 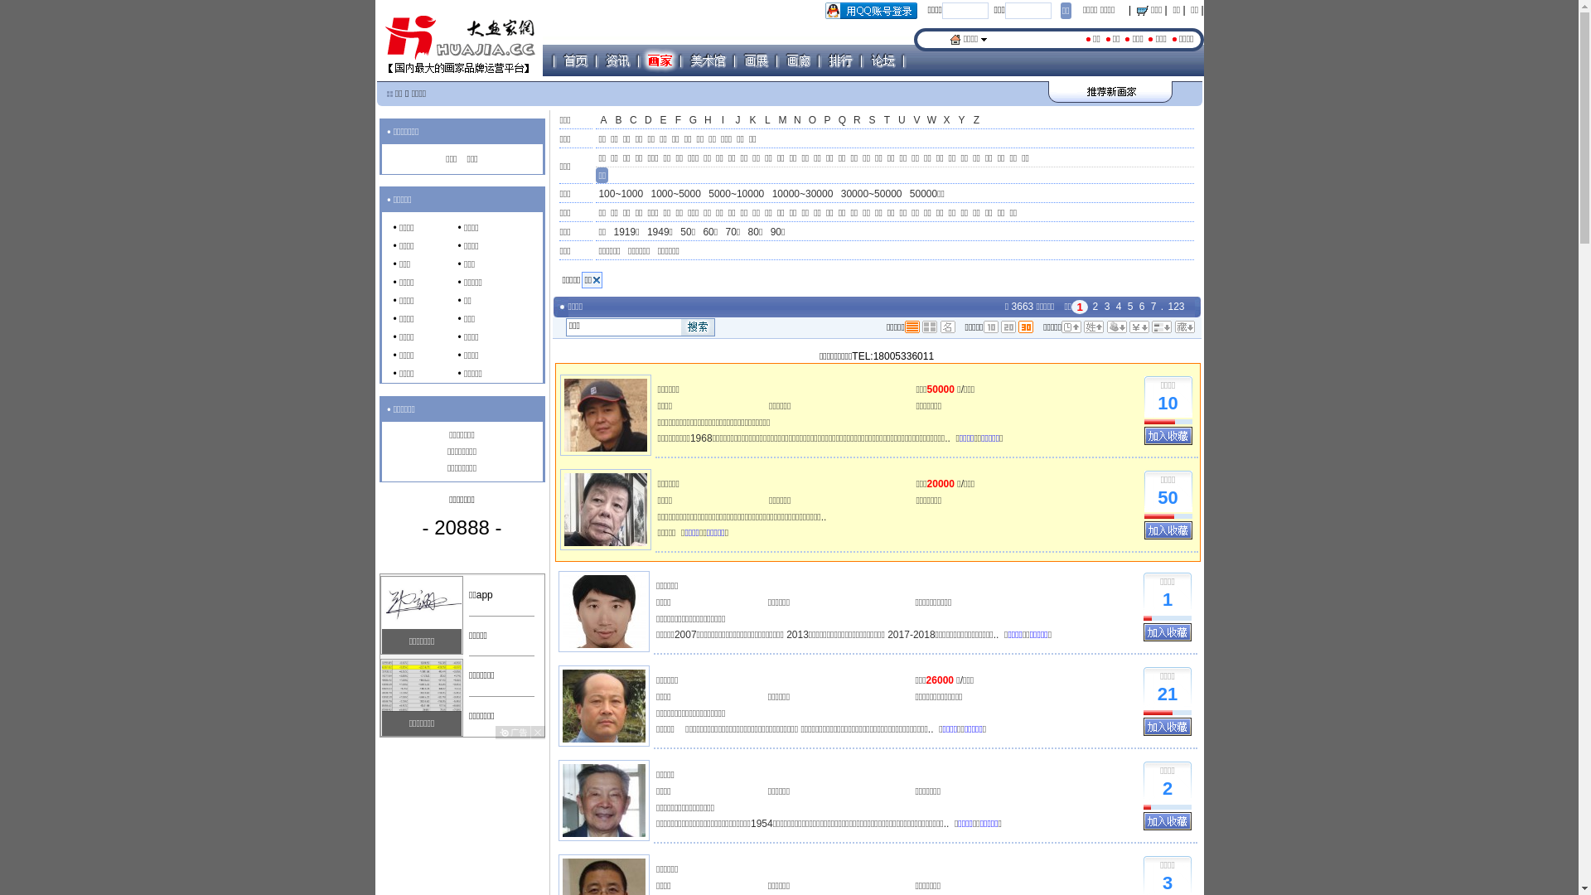 I want to click on 'U', so click(x=893, y=120).